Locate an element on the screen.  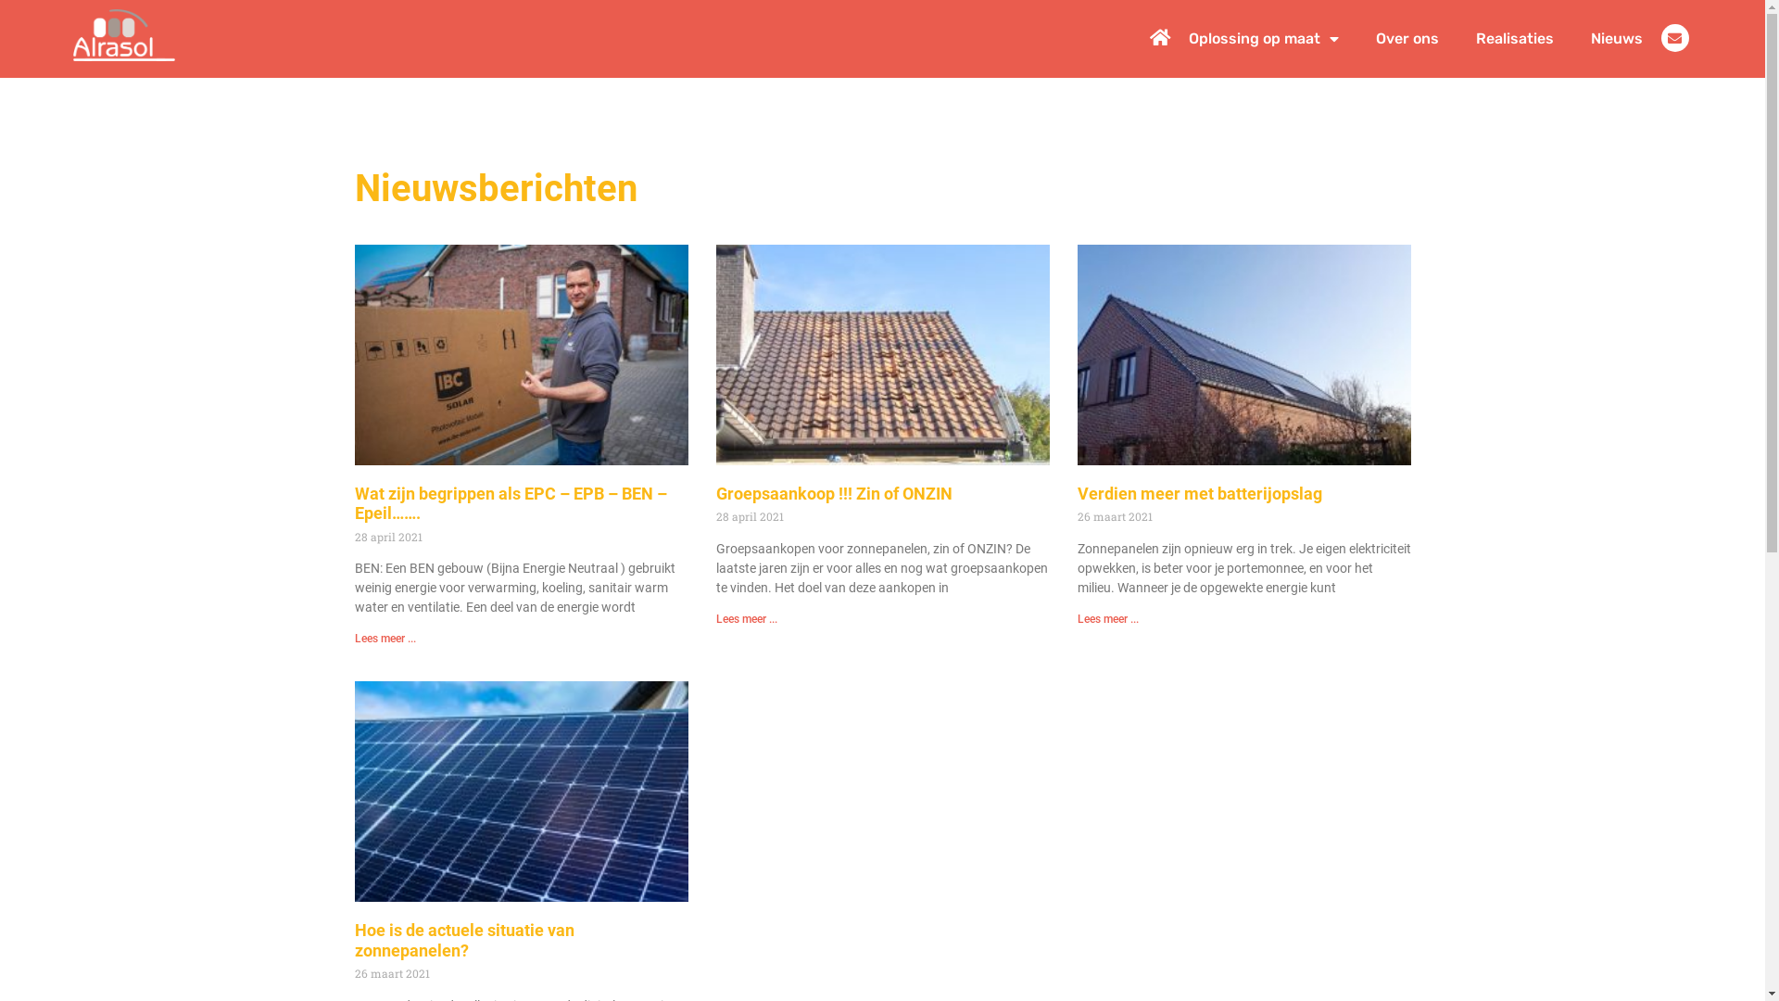
'Groepsaankoop !!! Zin of ONZIN' is located at coordinates (832, 492).